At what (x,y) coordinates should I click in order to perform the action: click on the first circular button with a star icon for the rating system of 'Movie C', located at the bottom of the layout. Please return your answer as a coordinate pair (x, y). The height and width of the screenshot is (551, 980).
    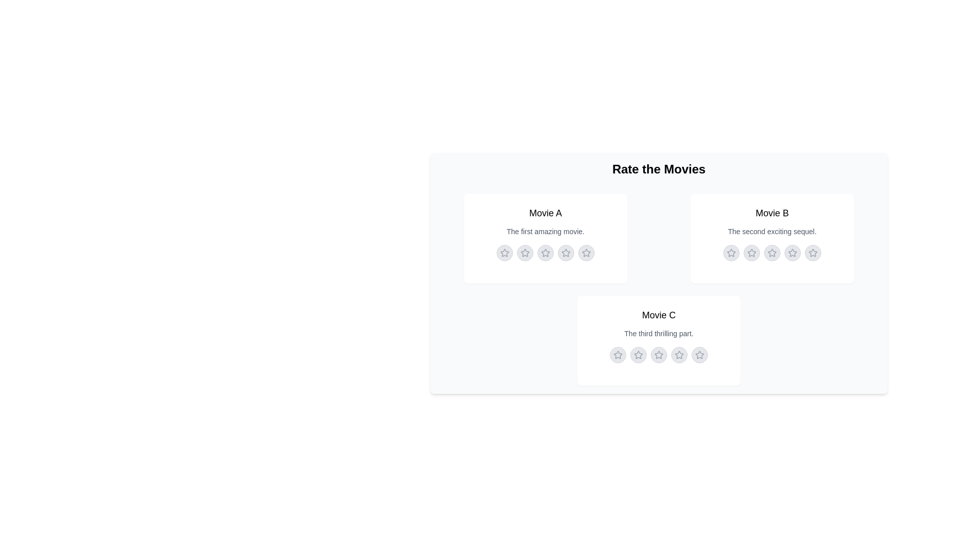
    Looking at the image, I should click on (617, 354).